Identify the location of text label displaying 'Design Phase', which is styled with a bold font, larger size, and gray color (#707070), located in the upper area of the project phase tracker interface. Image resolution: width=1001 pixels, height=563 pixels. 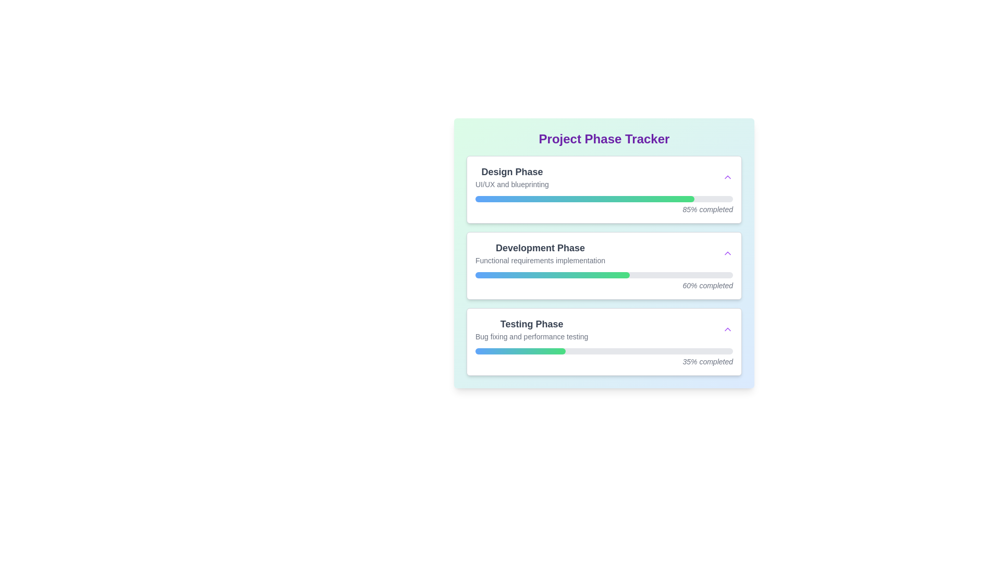
(512, 172).